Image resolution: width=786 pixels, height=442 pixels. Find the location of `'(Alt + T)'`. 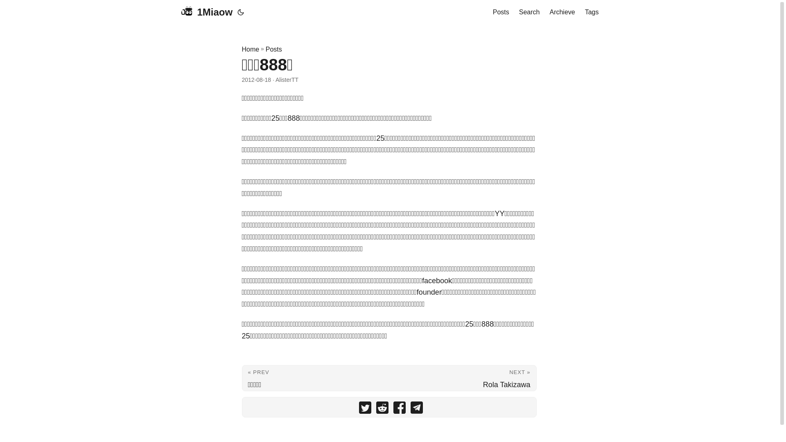

'(Alt + T)' is located at coordinates (240, 12).